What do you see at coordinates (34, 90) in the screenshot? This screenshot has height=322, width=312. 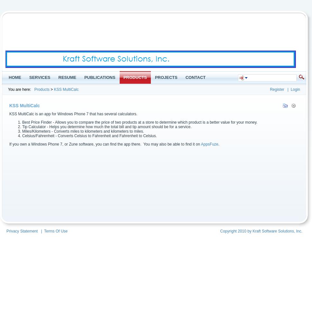 I see `'Products'` at bounding box center [34, 90].